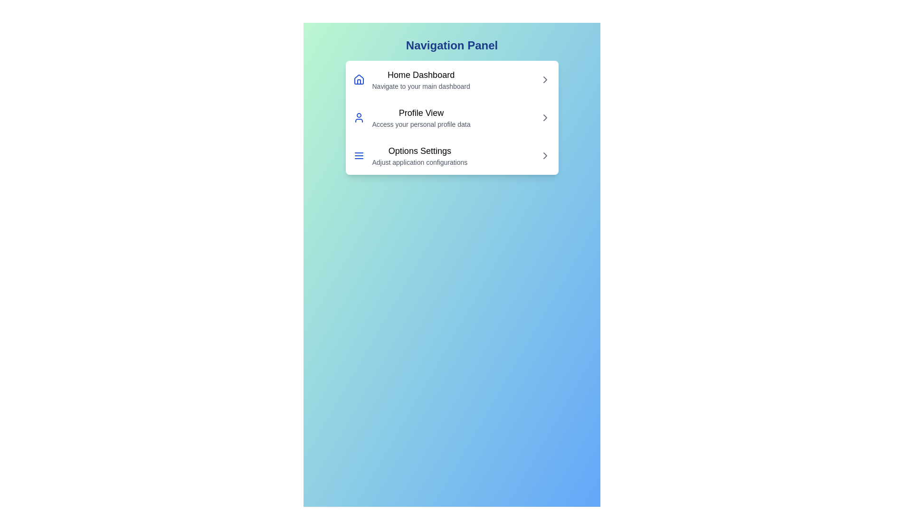 This screenshot has width=912, height=513. Describe the element at coordinates (451, 79) in the screenshot. I see `the menu item corresponding to Home Dashboard` at that location.